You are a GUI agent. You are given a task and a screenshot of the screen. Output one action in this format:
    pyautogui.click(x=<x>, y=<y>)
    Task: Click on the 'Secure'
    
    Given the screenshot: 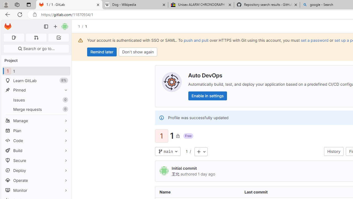 What is the action you would take?
    pyautogui.click(x=36, y=160)
    